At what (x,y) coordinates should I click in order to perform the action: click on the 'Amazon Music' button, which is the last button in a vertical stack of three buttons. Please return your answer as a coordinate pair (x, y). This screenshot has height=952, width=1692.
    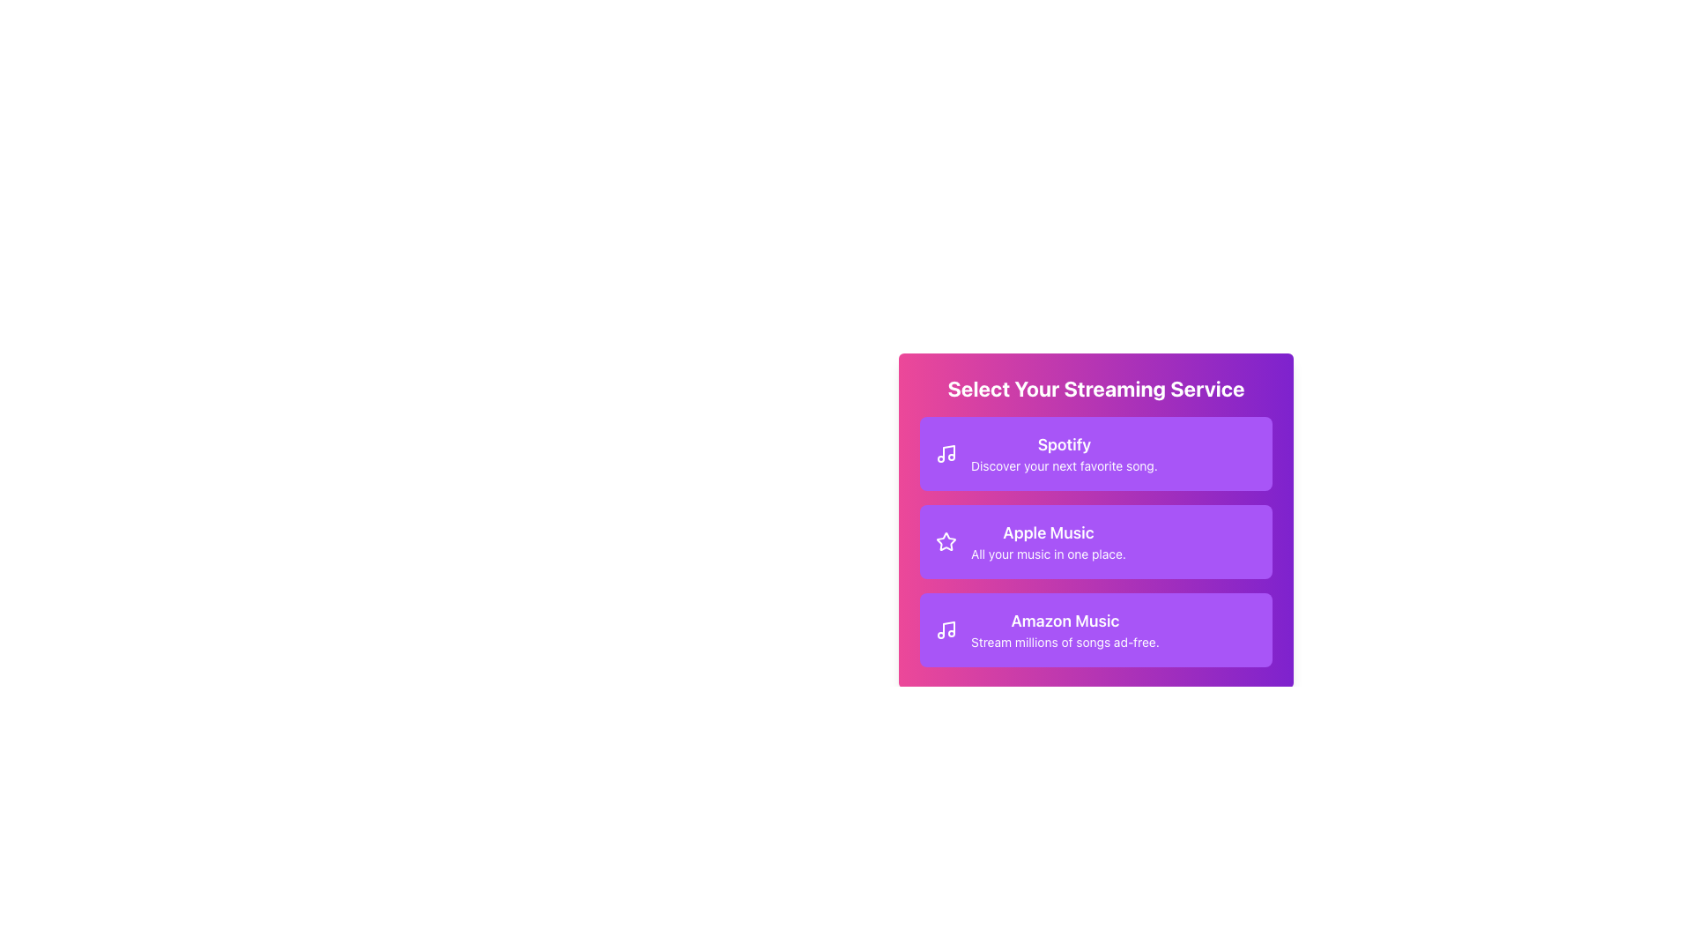
    Looking at the image, I should click on (1095, 628).